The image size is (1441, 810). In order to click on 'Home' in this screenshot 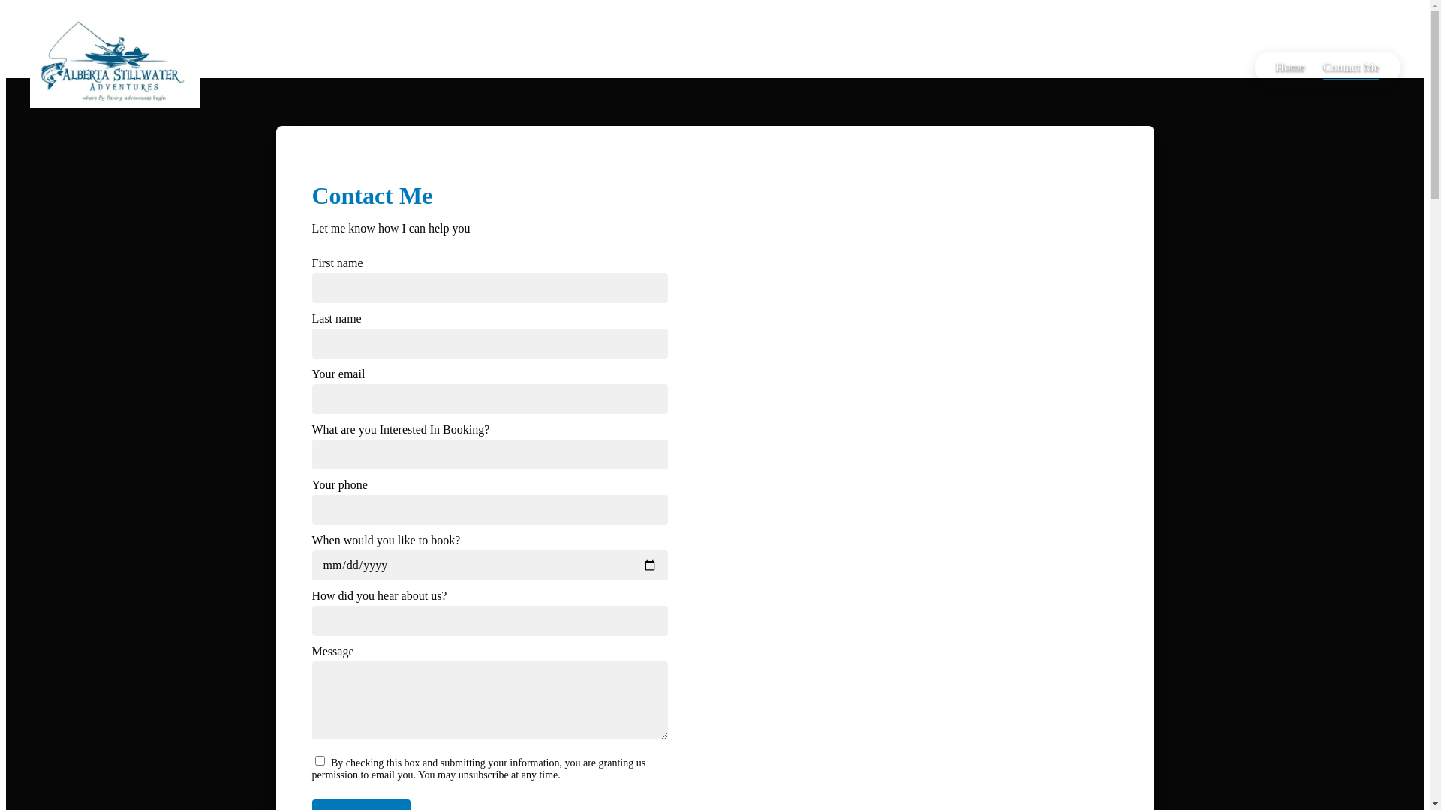, I will do `click(1289, 66)`.